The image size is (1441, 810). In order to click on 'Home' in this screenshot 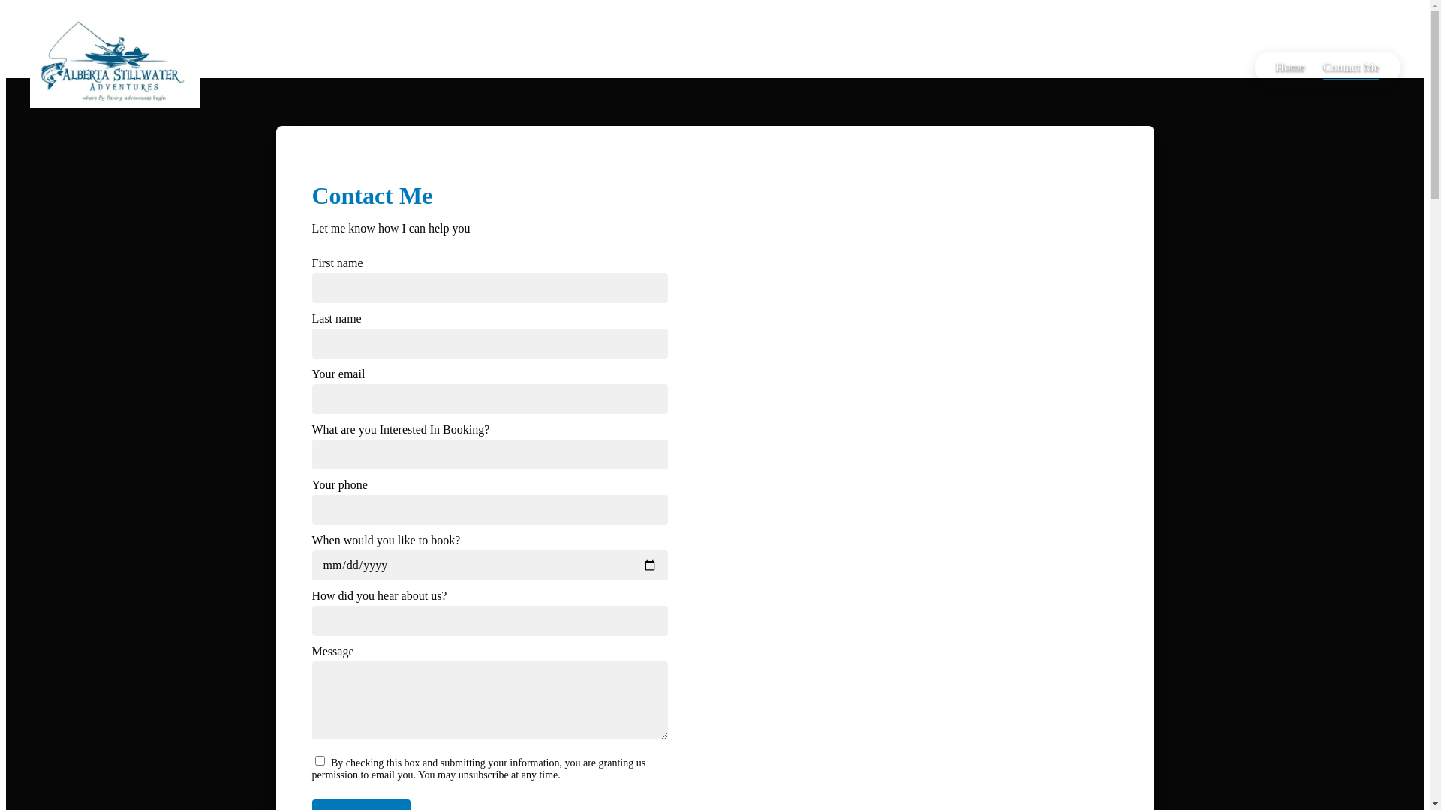, I will do `click(1289, 66)`.